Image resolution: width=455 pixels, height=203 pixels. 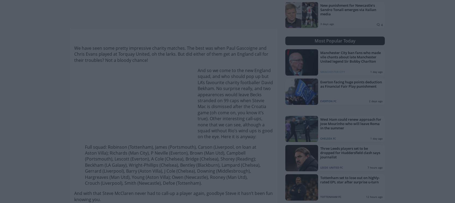 I want to click on 'Leeds United FC', so click(x=331, y=167).